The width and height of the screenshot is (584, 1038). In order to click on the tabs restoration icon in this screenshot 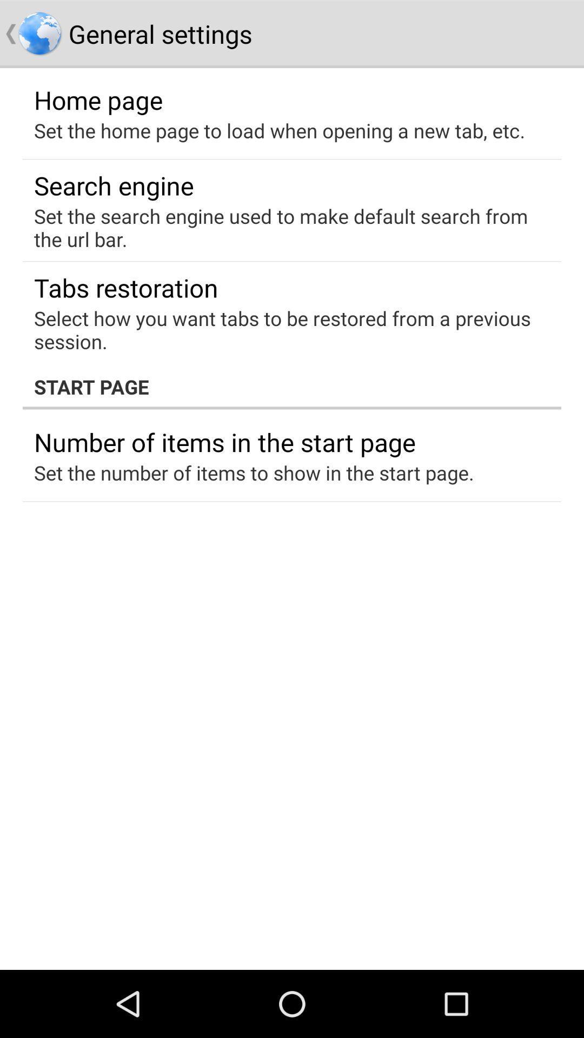, I will do `click(125, 288)`.